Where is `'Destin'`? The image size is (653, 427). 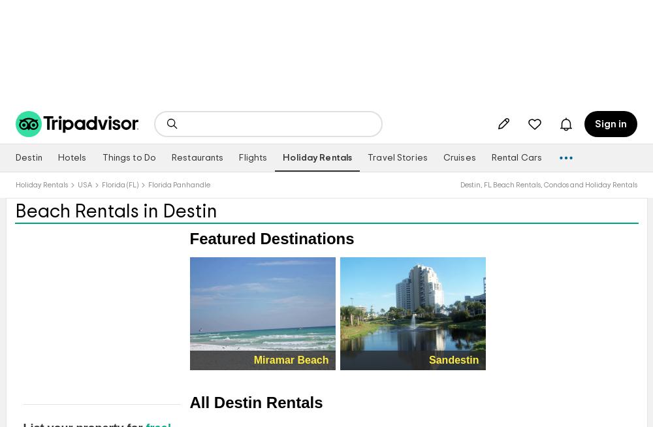
'Destin' is located at coordinates (16, 157).